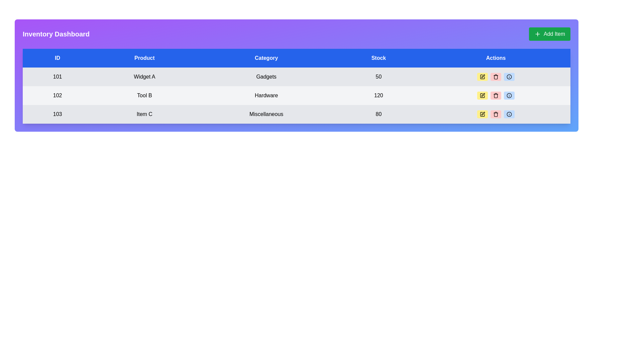 The height and width of the screenshot is (361, 642). Describe the element at coordinates (58, 114) in the screenshot. I see `the text label component in the first column of the third row of the table, which serves as an identifier likely indicating a unique ID` at that location.